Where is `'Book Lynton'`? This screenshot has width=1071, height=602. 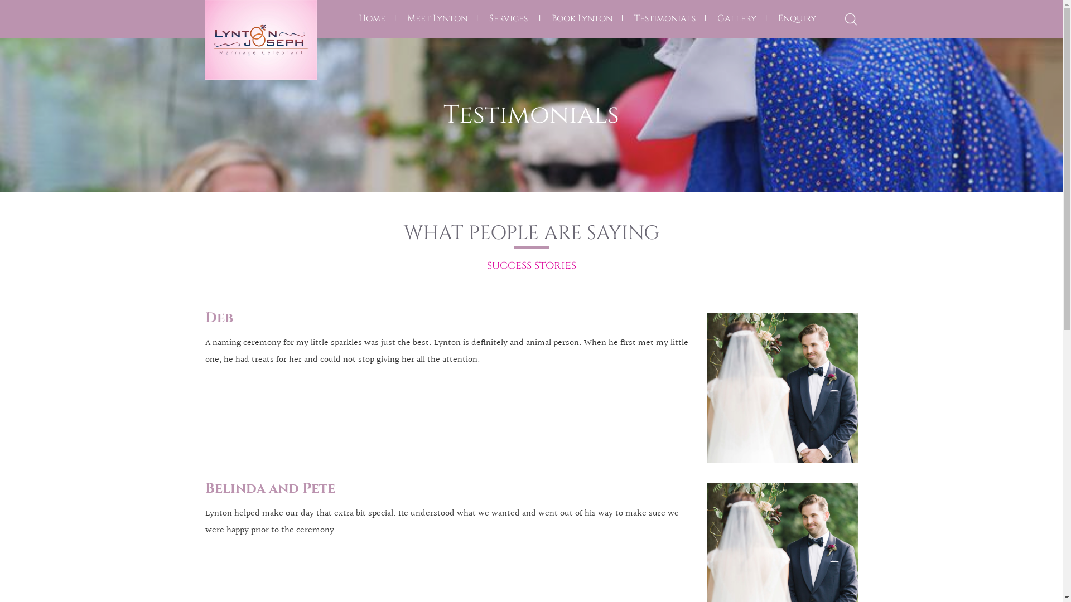 'Book Lynton' is located at coordinates (551, 18).